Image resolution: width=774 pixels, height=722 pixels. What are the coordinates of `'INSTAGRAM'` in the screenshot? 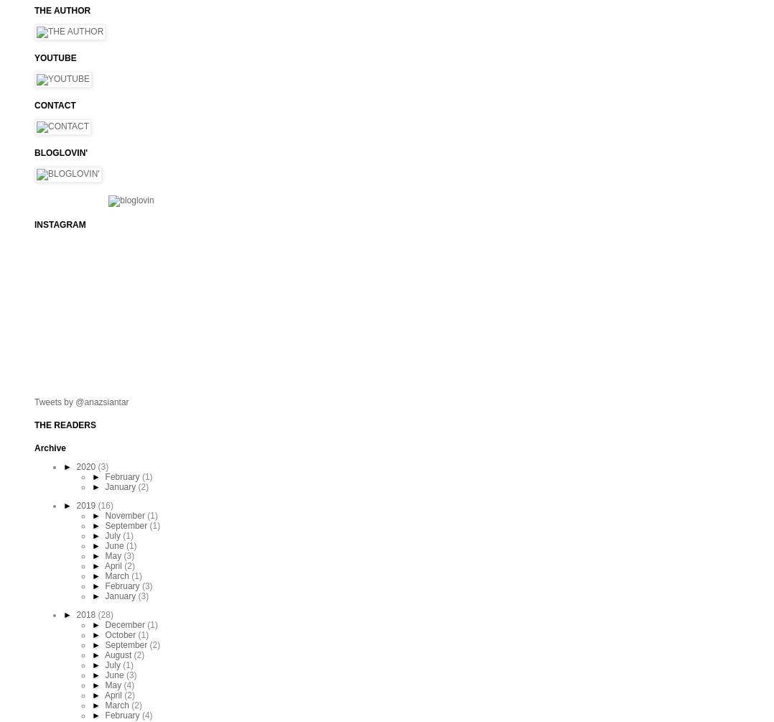 It's located at (59, 223).